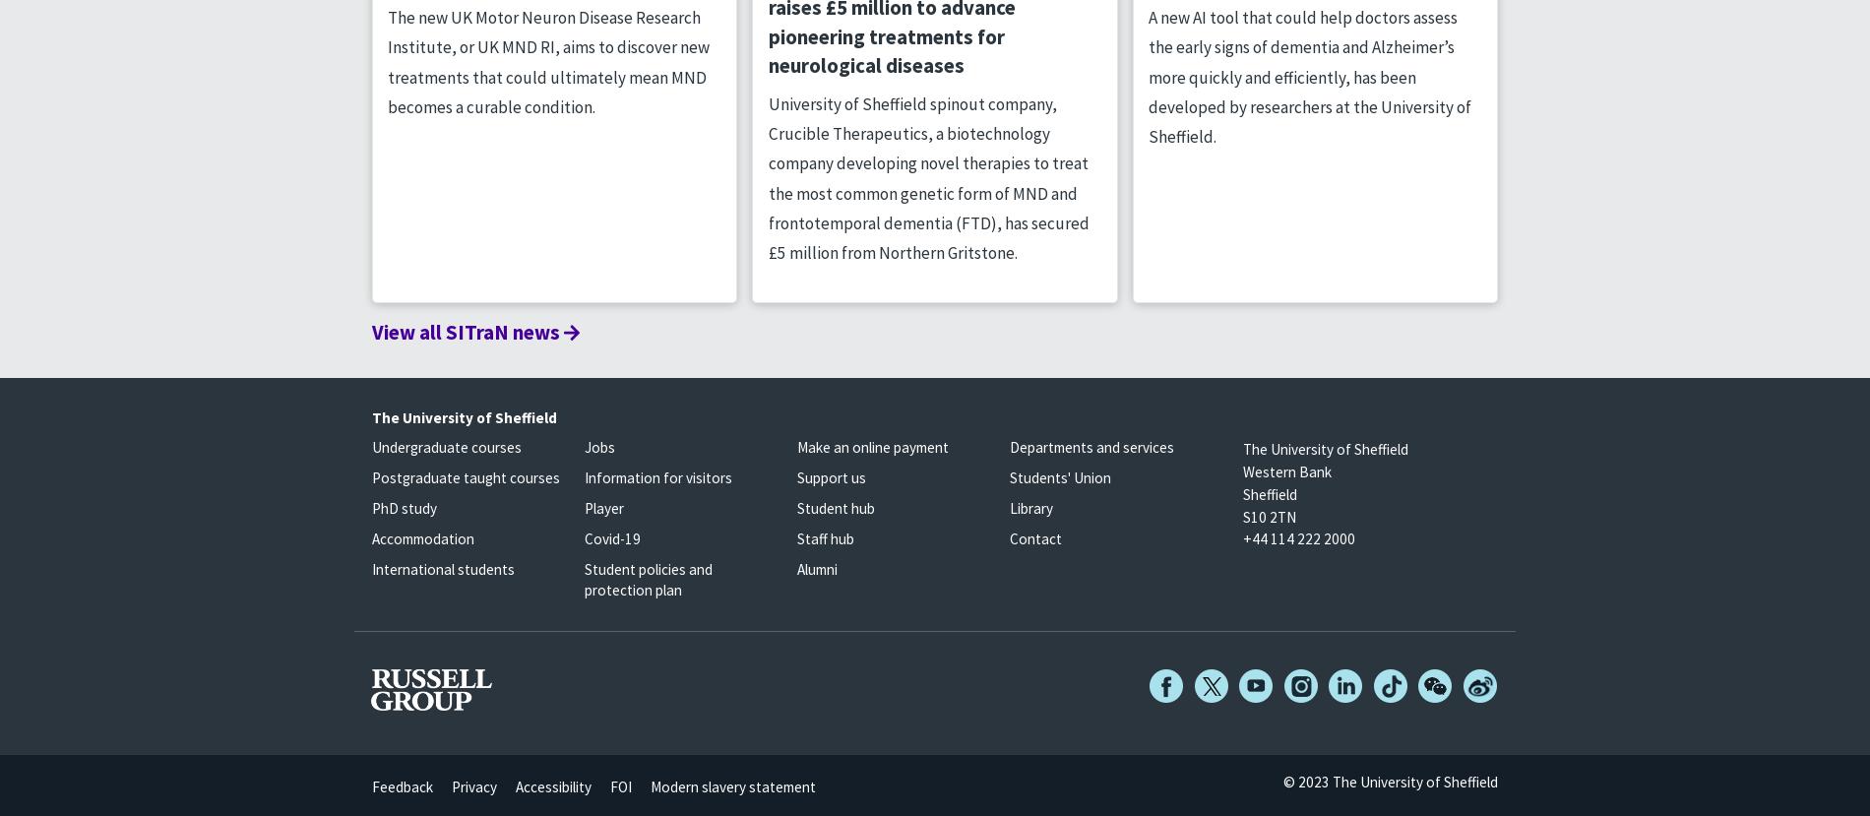  What do you see at coordinates (830, 477) in the screenshot?
I see `'Support us'` at bounding box center [830, 477].